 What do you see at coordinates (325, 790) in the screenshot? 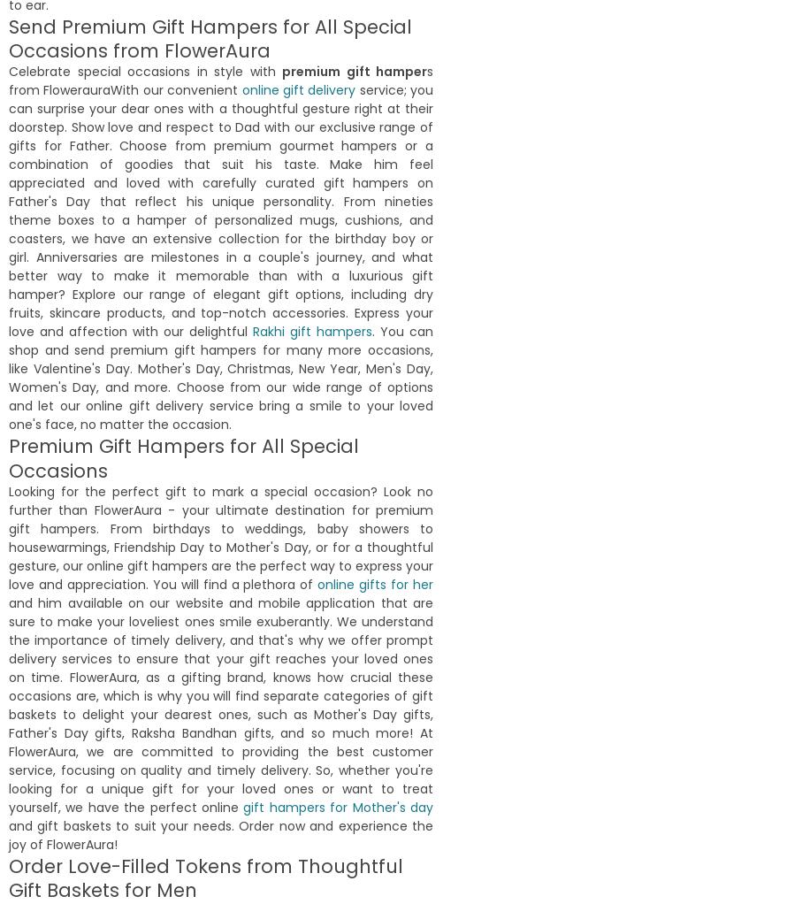
I see `'Fully satisfied the way team responds to any query. Fast delivery and good quality. 
Best place to express your love on your loved once.'` at bounding box center [325, 790].